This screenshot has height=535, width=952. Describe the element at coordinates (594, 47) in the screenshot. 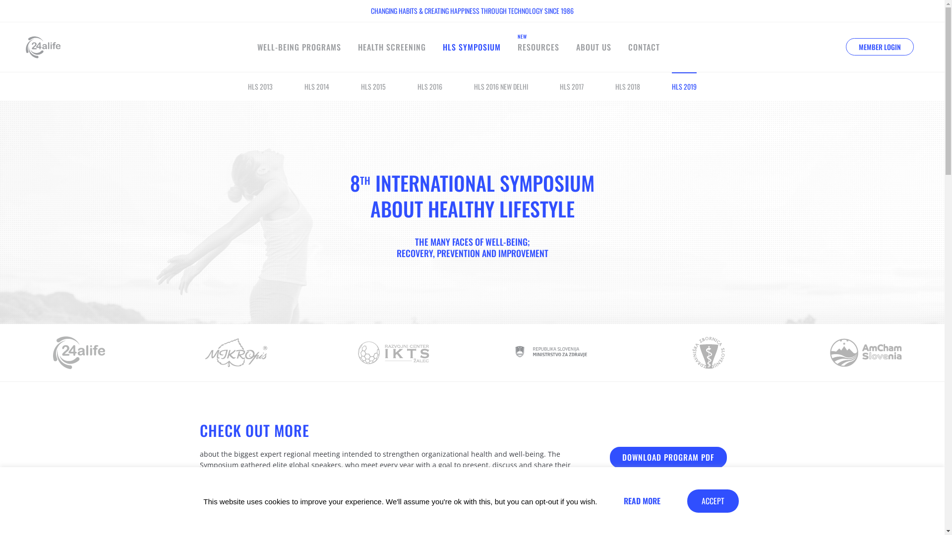

I see `'ABOUT US'` at that location.